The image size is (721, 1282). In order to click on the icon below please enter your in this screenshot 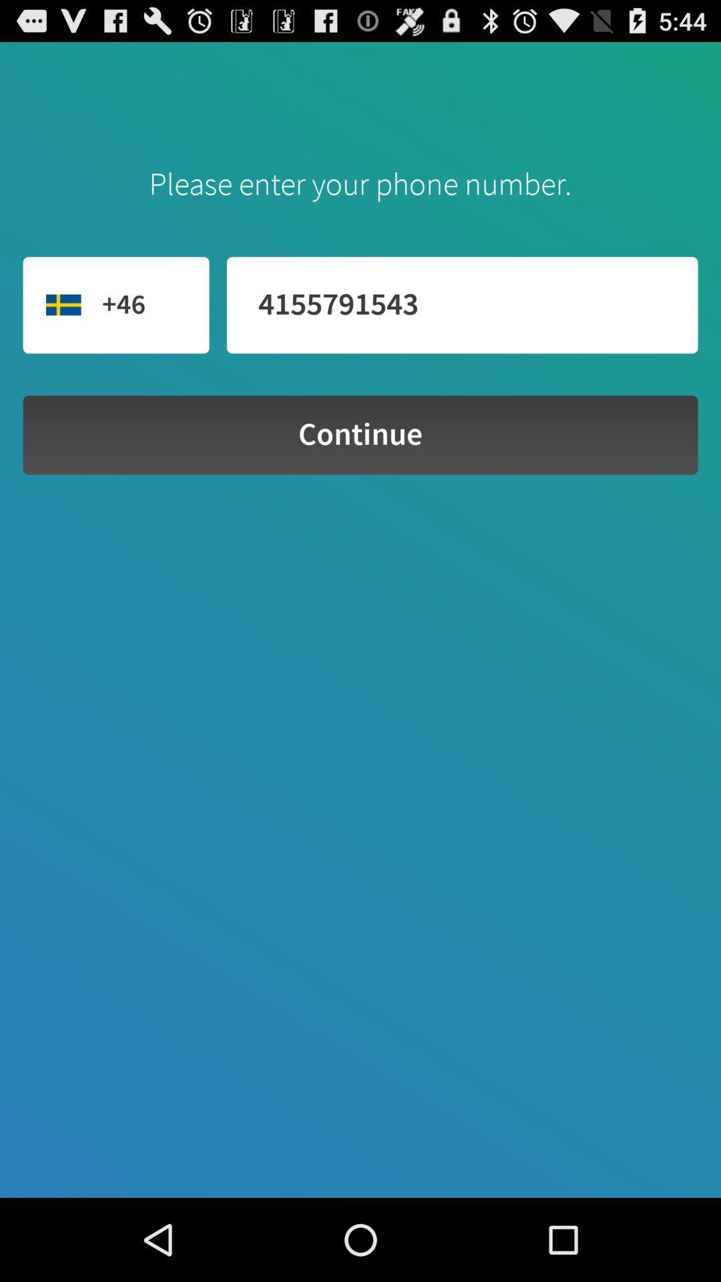, I will do `click(461, 304)`.